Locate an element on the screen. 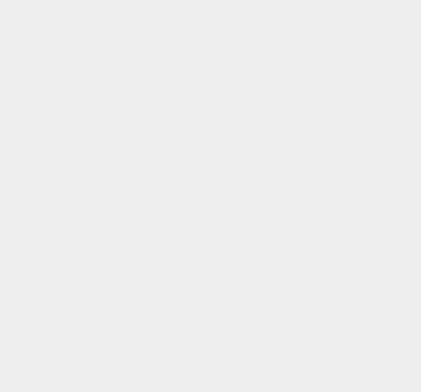  'TechGlobeX.net' is located at coordinates (297, 35).